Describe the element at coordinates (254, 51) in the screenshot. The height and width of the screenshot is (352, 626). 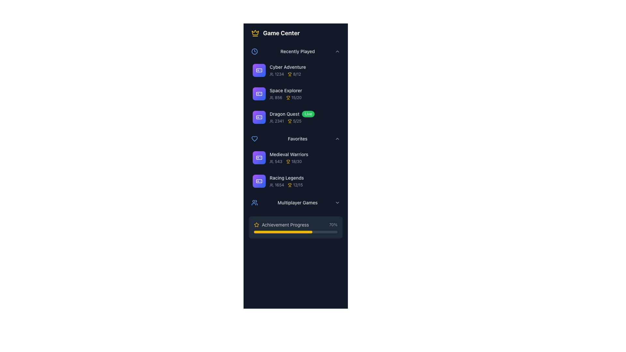
I see `the first icon in the 'Recently Played' row, which represents the 'Recently Played' category and is located to the left of the text label` at that location.